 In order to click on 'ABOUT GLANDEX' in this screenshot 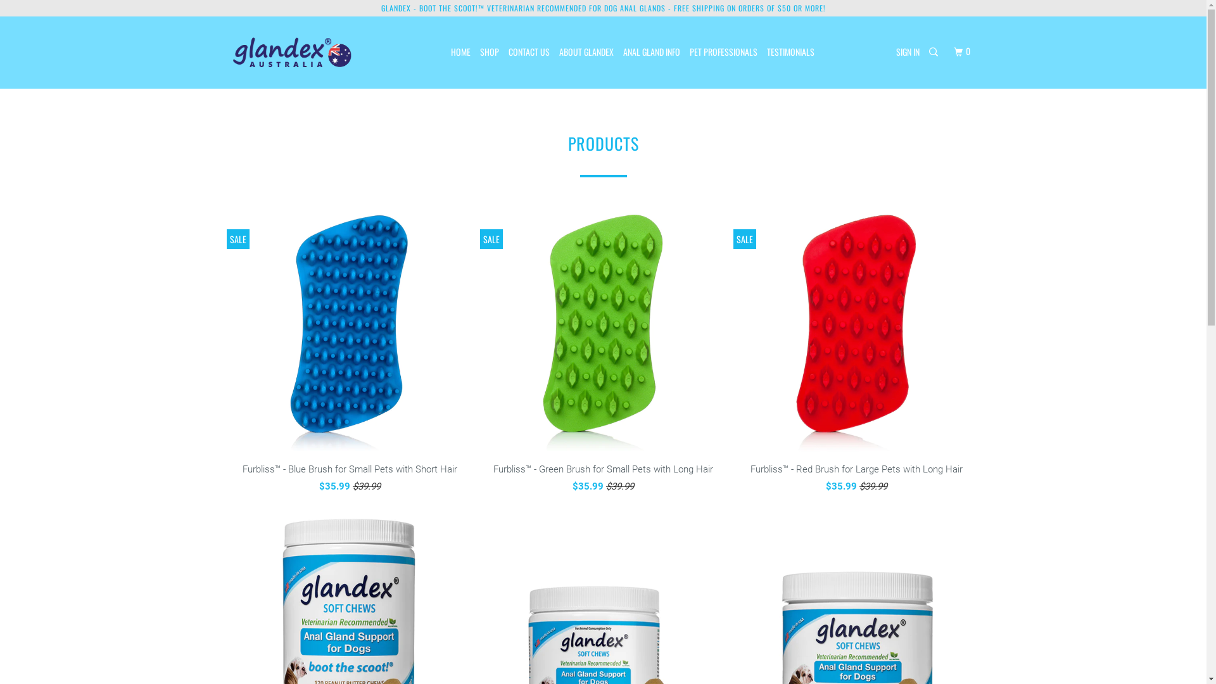, I will do `click(586, 51)`.